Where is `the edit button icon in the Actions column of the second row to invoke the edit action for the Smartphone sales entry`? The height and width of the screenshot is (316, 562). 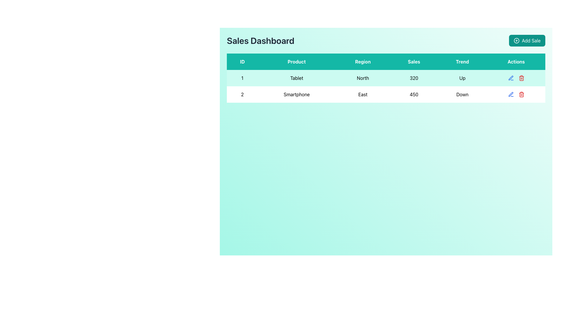 the edit button icon in the Actions column of the second row to invoke the edit action for the Smartphone sales entry is located at coordinates (510, 94).